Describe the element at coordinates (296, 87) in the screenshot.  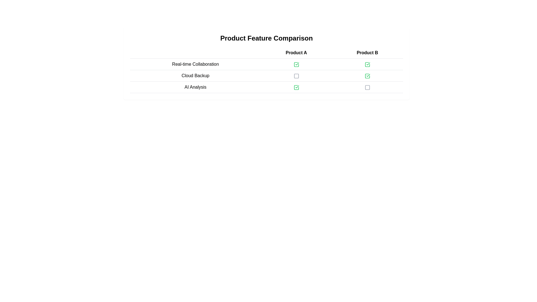
I see `the green square checkbox icon with a checkmark inside, located in the third row of the comparison table under the 'Product A' column, indicating the feature 'AI Analysis'` at that location.